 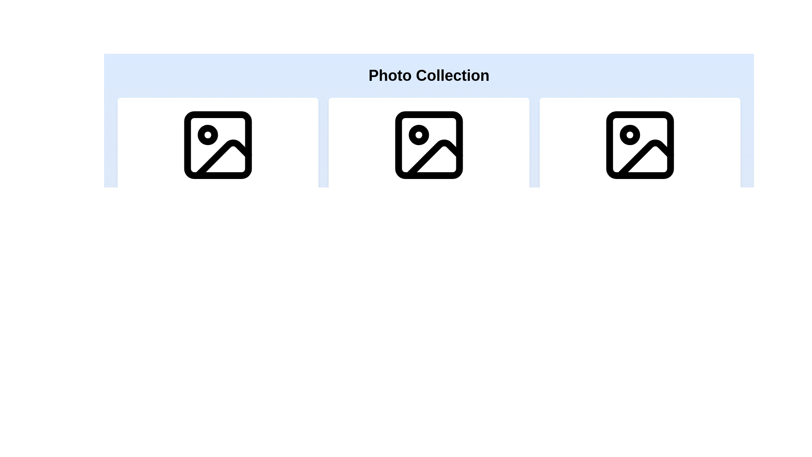 I want to click on the third image icon in the 'Photo Collection' section, so click(x=640, y=145).